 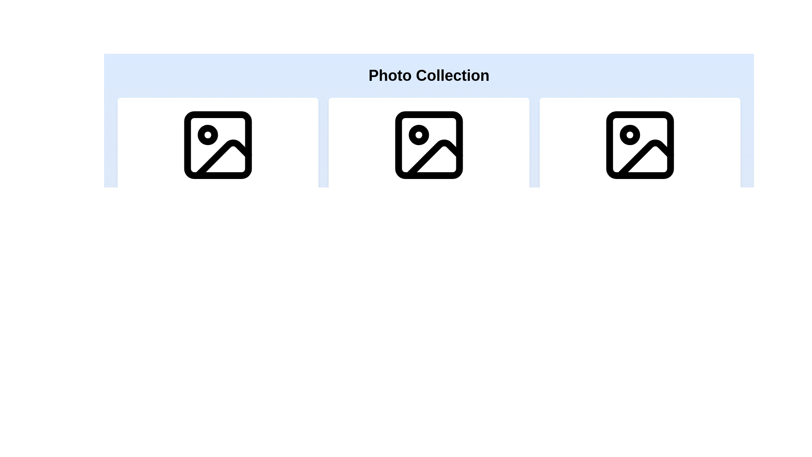 I want to click on the third image icon in the 'Photo Collection' section, so click(x=640, y=145).